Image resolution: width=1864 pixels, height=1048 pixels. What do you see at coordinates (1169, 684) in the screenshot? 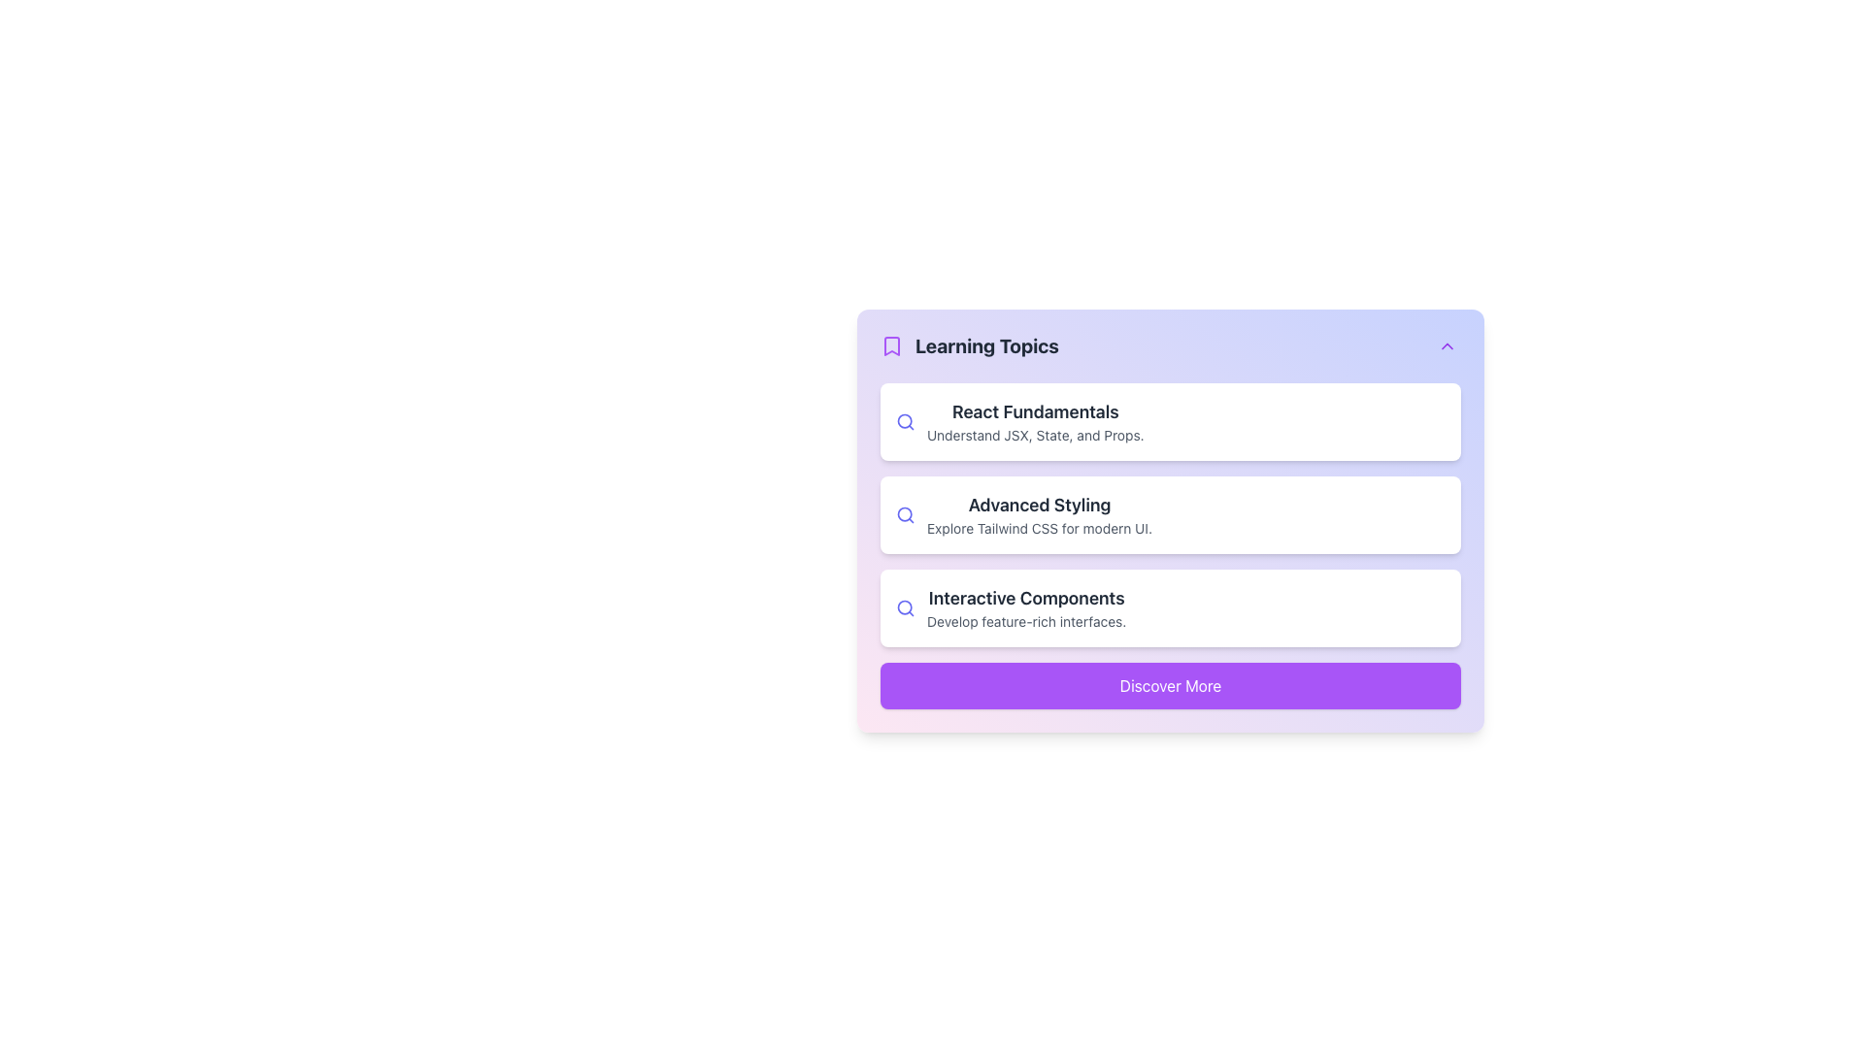
I see `the 'Discover More' button with a vibrant purple background and white text` at bounding box center [1169, 684].